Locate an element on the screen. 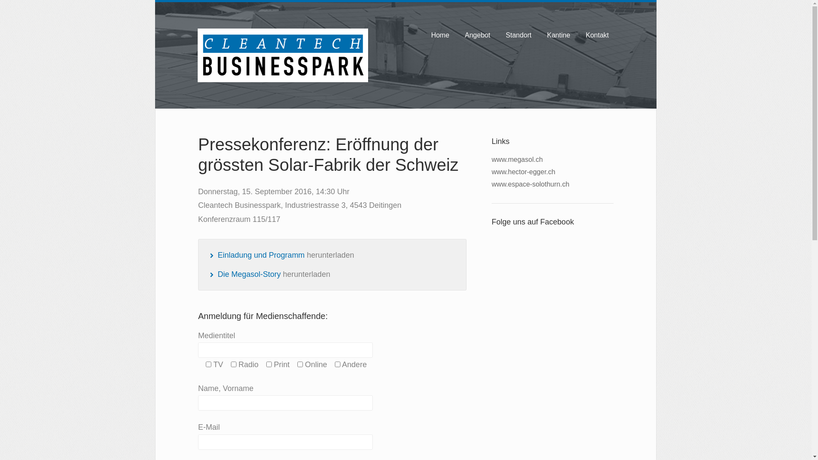 The image size is (818, 460). 'www.hector-egger.ch' is located at coordinates (523, 172).